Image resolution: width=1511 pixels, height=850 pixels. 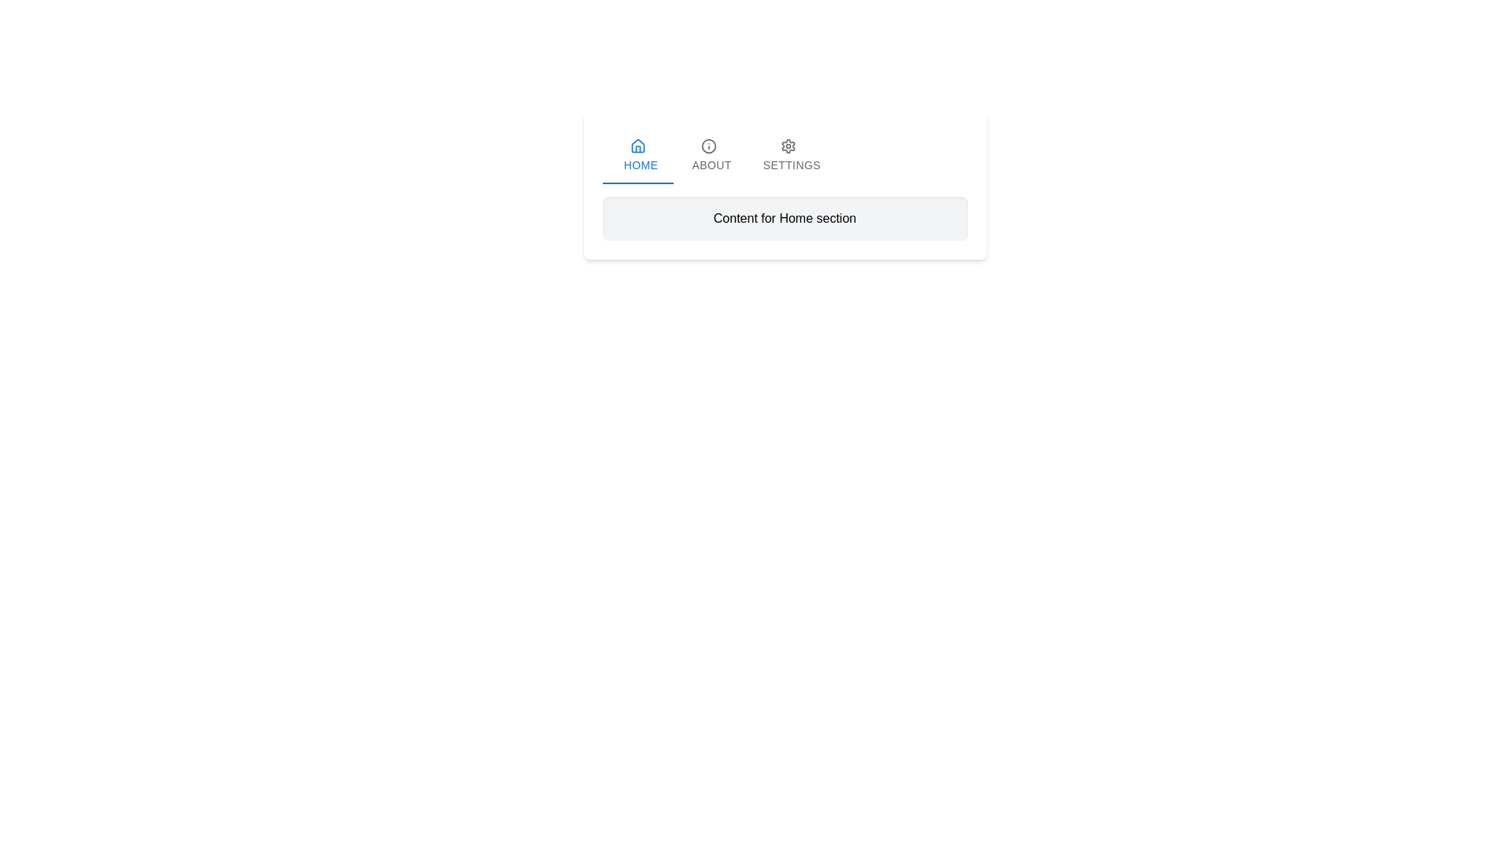 I want to click on the circular info icon located in the 'About' tab above the 'ABOUT' text, so click(x=707, y=146).